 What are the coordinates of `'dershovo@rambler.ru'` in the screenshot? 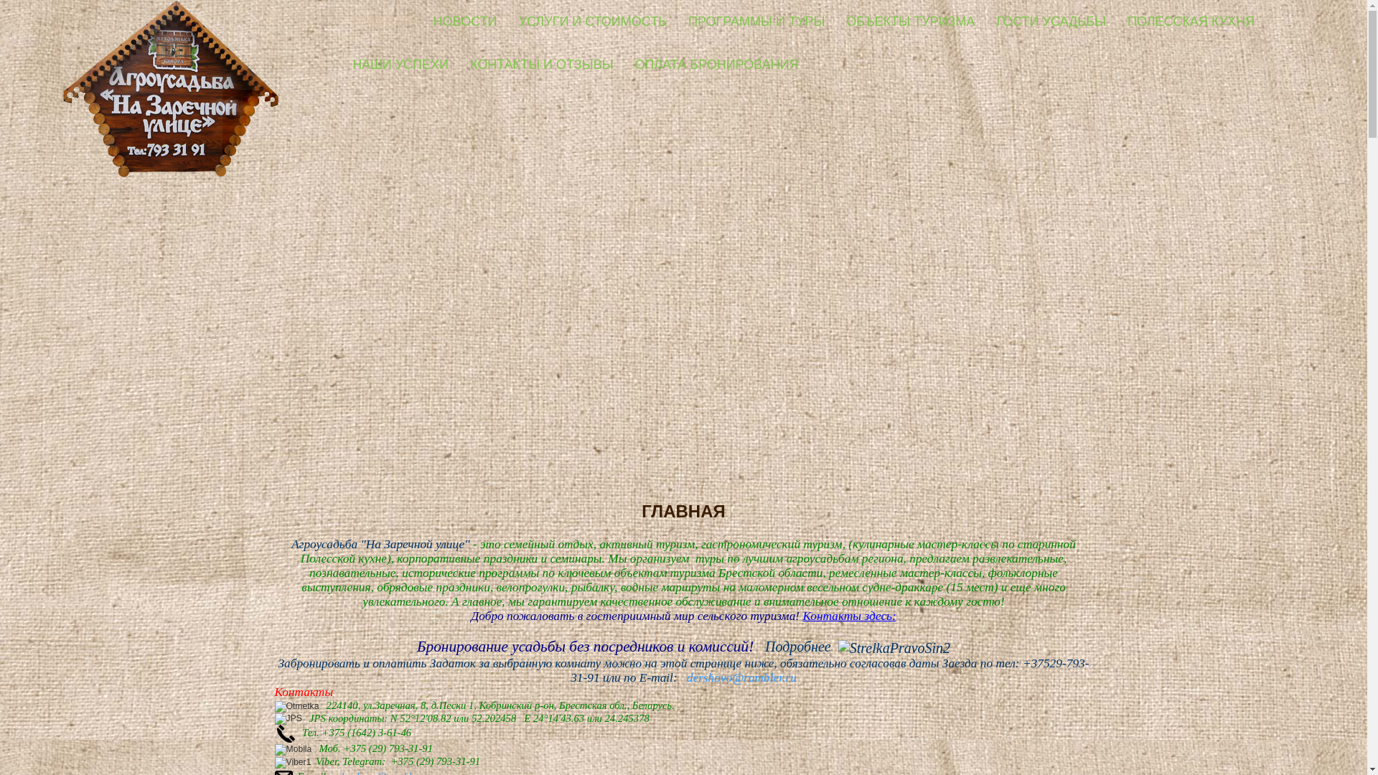 It's located at (741, 677).